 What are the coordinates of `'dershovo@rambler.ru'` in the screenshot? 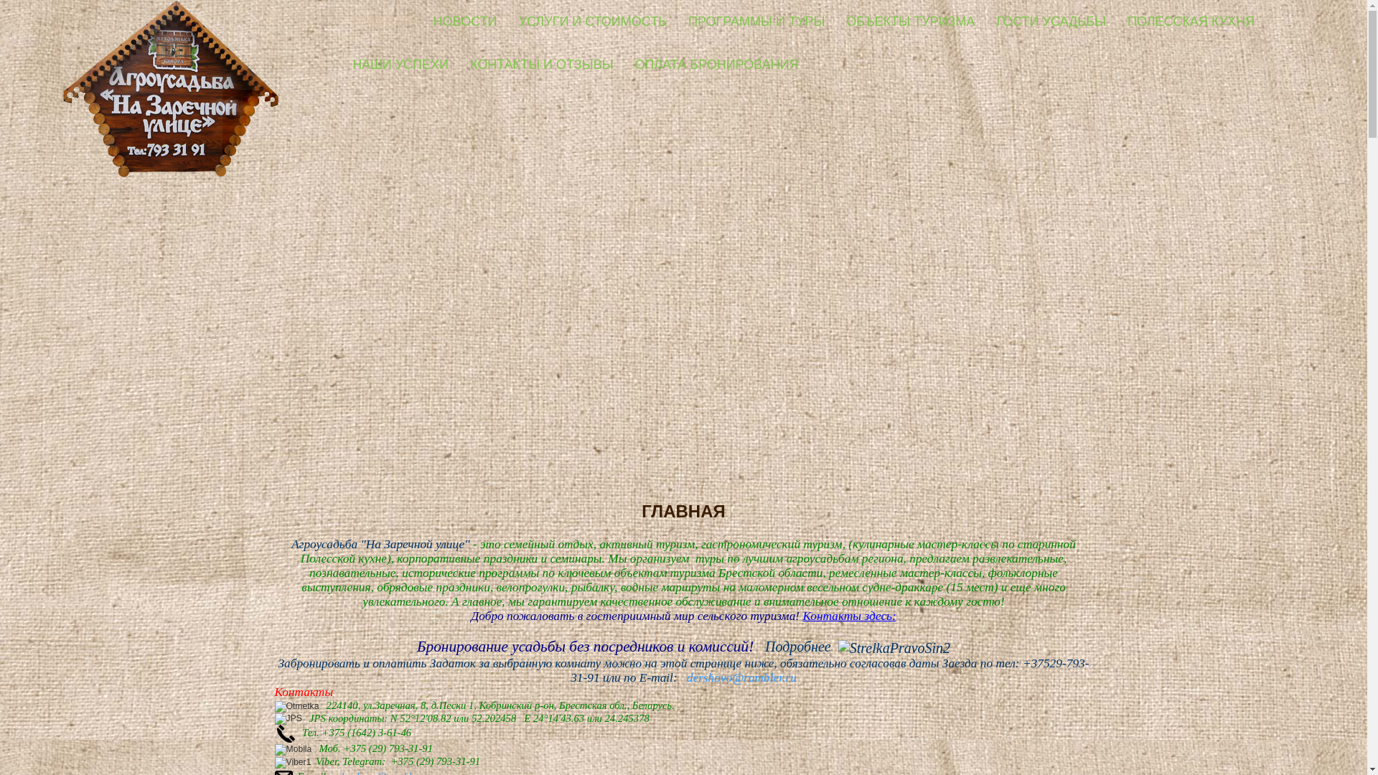 It's located at (741, 677).